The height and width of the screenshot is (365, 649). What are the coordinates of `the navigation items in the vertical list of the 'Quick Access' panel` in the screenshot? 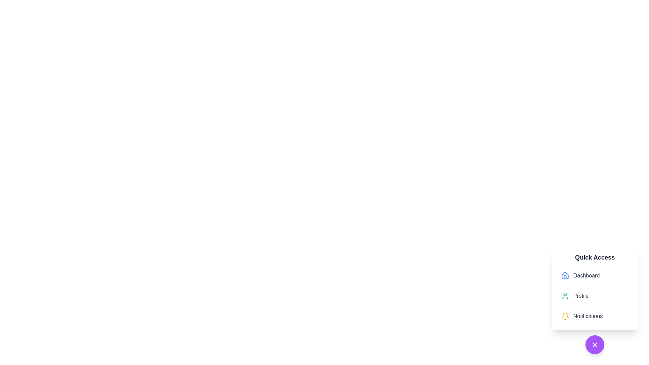 It's located at (595, 295).